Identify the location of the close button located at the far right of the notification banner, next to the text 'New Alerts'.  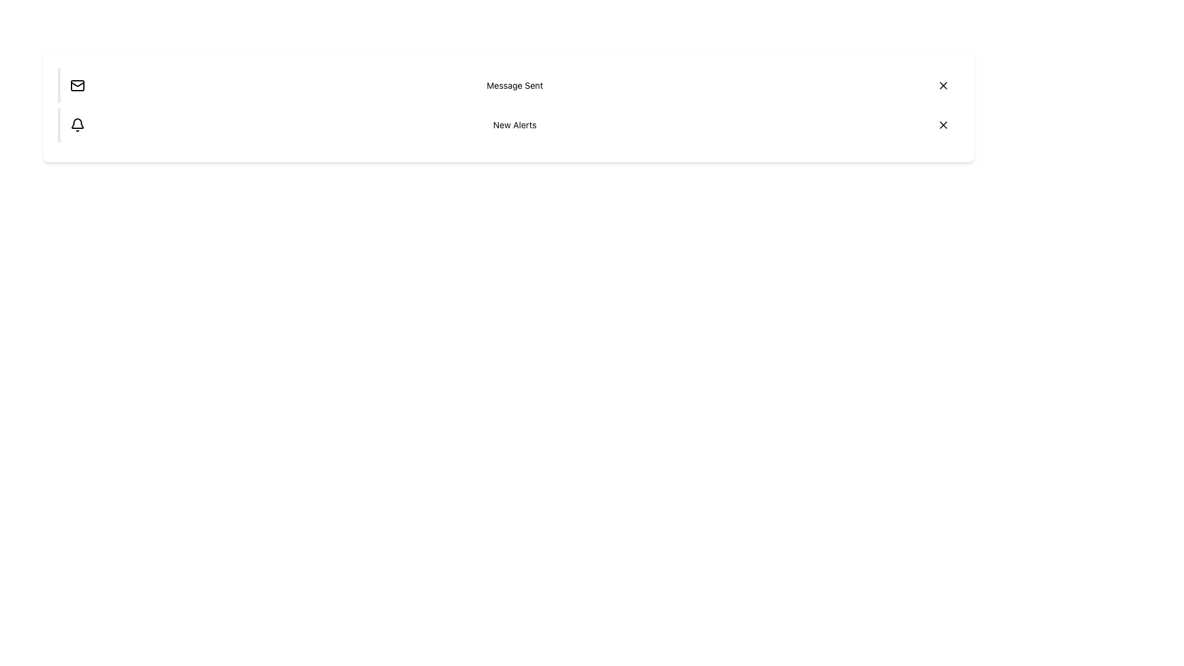
(943, 125).